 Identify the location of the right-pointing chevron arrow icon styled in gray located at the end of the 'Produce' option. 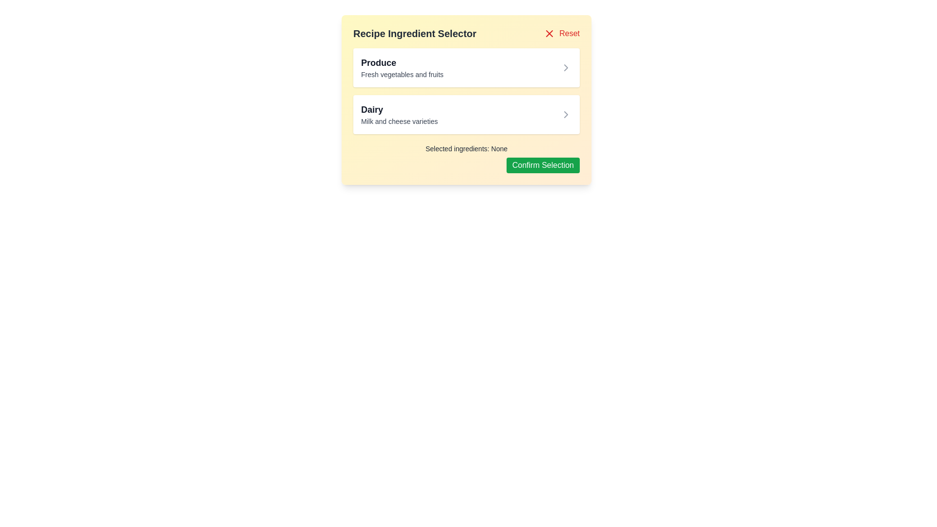
(566, 67).